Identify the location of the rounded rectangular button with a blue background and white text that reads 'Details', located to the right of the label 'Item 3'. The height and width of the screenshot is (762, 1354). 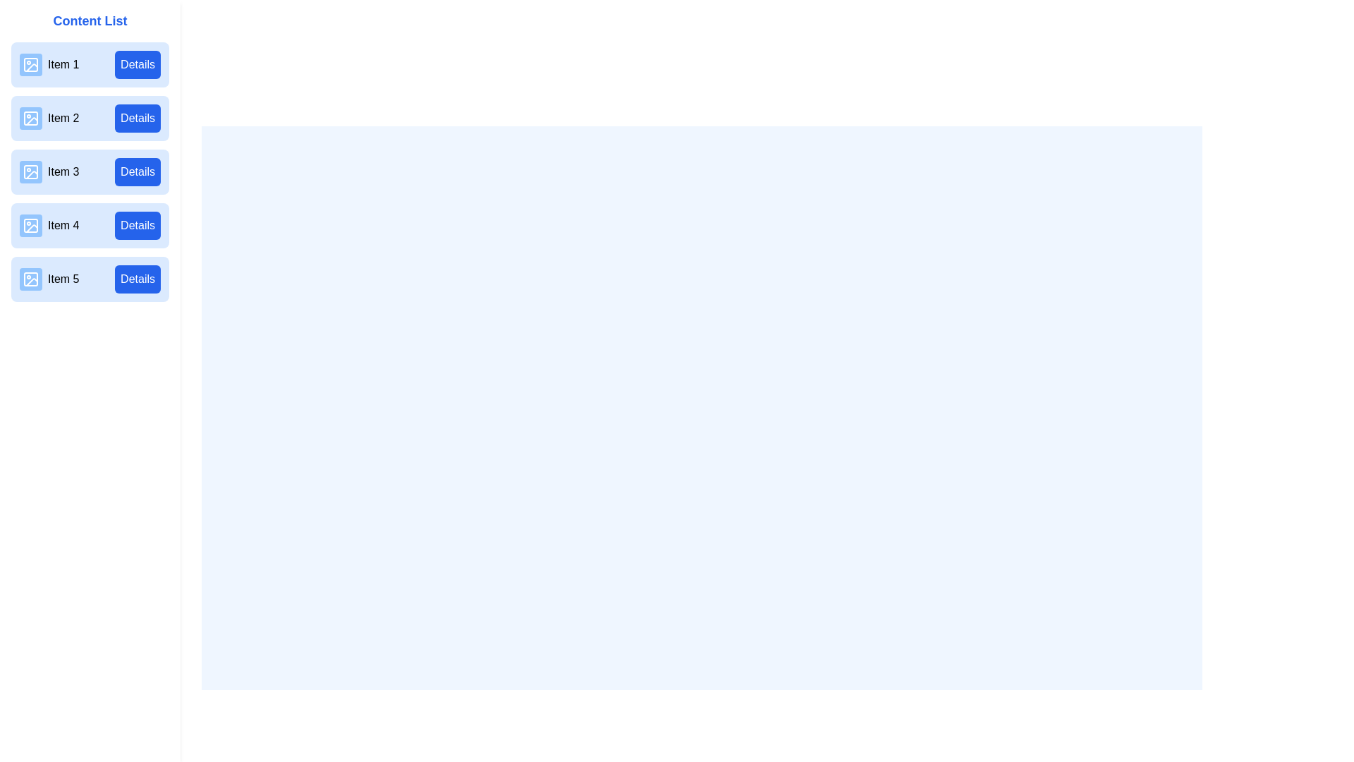
(138, 171).